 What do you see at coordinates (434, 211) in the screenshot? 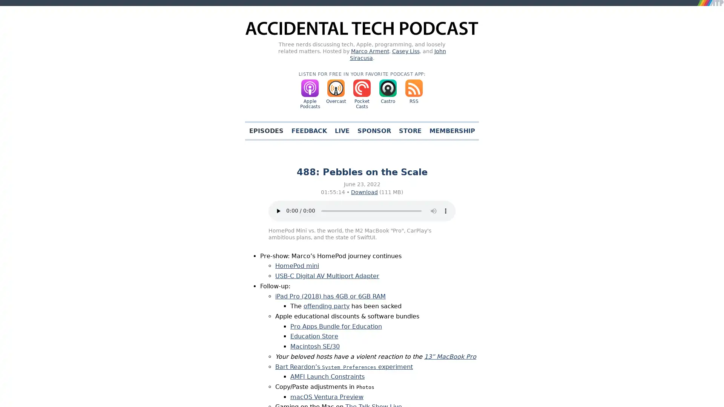
I see `mute` at bounding box center [434, 211].